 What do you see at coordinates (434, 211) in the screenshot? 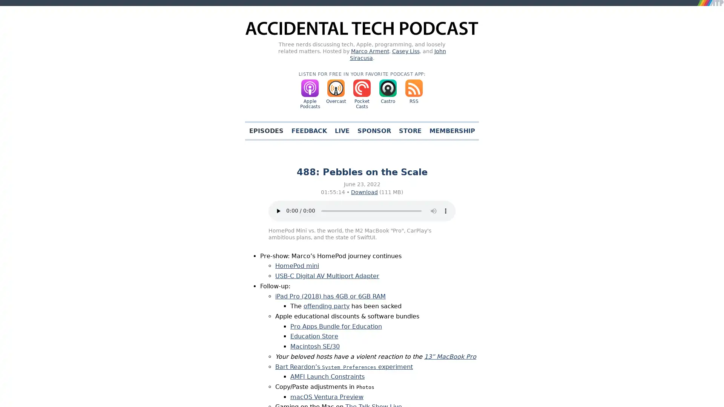
I see `mute` at bounding box center [434, 211].